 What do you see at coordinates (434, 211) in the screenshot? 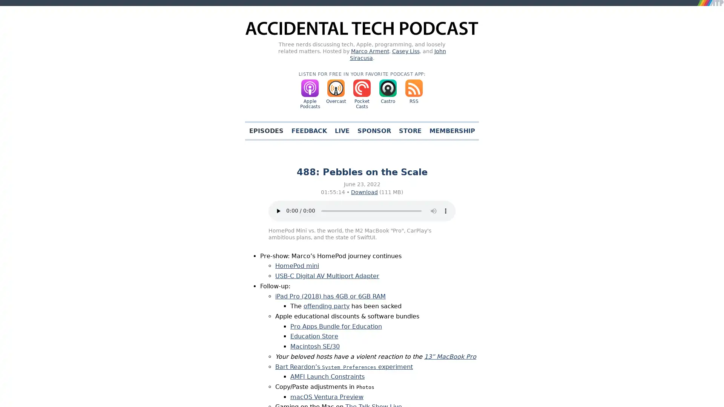
I see `mute` at bounding box center [434, 211].